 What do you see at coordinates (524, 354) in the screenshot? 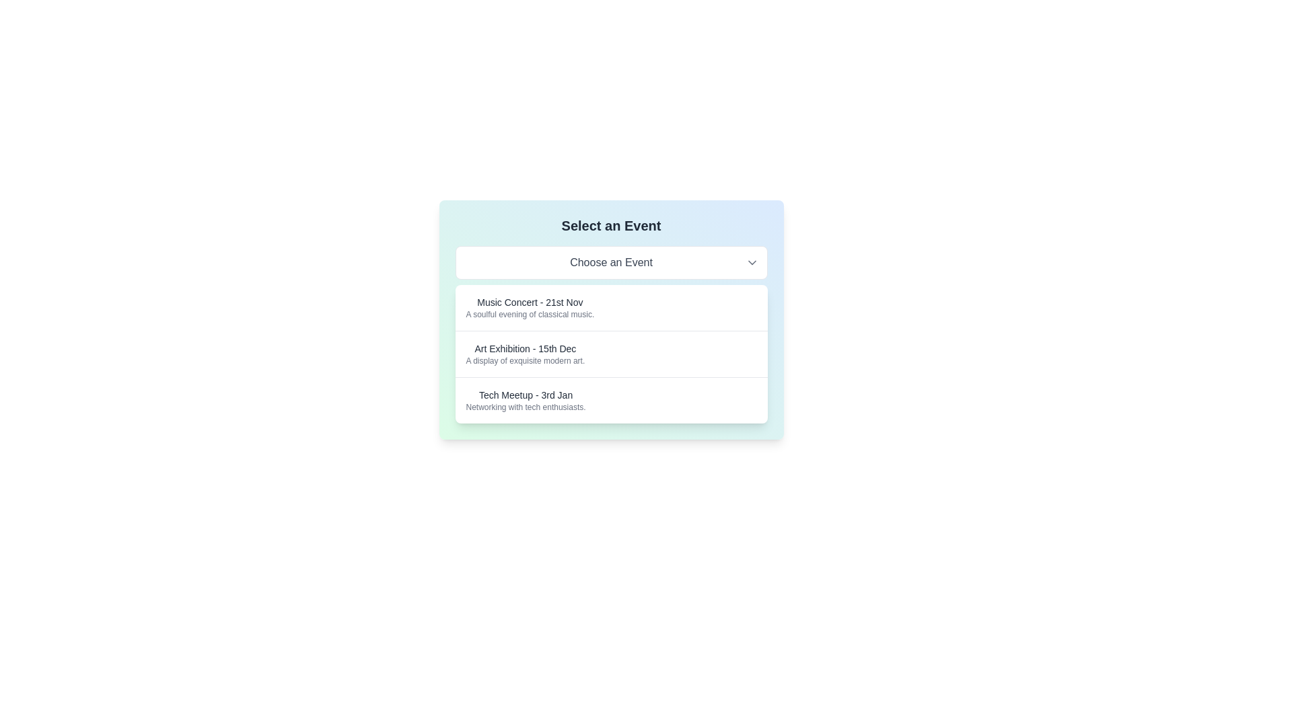
I see `the event listing for 'Art Exhibition - 15th Dec' to search for more details about this event` at bounding box center [524, 354].